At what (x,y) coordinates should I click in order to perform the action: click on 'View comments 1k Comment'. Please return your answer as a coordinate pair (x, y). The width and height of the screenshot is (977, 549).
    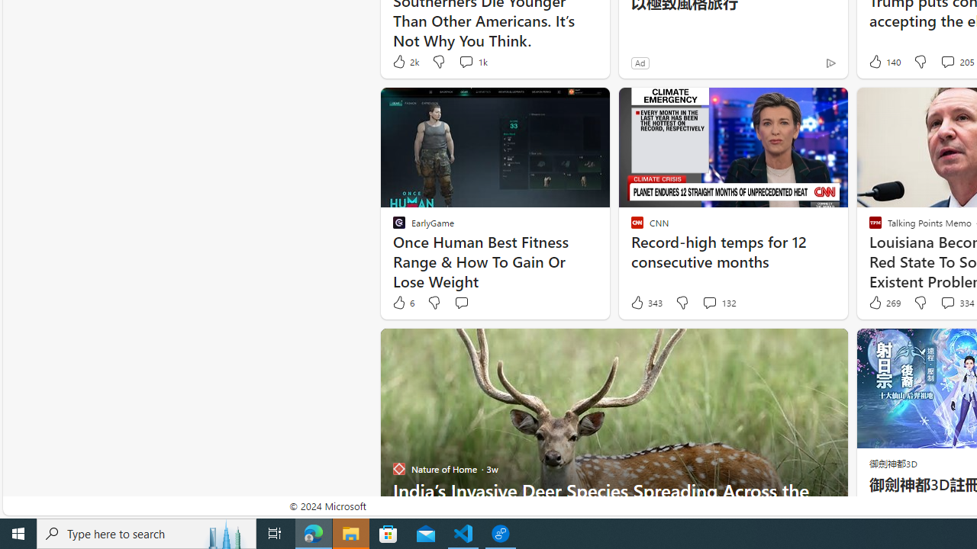
    Looking at the image, I should click on (471, 61).